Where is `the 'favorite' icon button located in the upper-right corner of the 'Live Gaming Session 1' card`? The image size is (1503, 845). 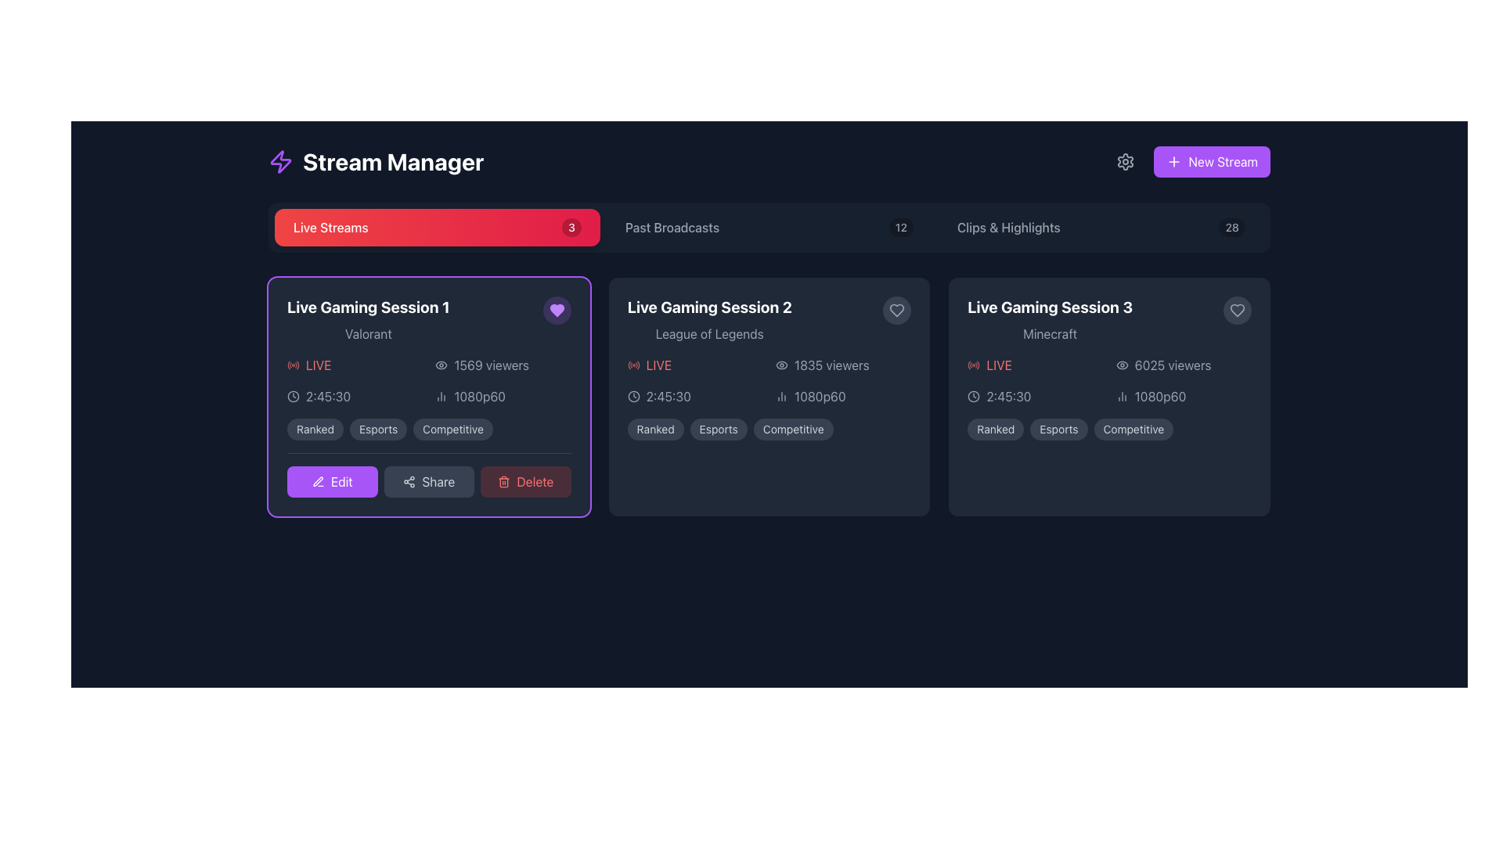
the 'favorite' icon button located in the upper-right corner of the 'Live Gaming Session 1' card is located at coordinates (557, 311).